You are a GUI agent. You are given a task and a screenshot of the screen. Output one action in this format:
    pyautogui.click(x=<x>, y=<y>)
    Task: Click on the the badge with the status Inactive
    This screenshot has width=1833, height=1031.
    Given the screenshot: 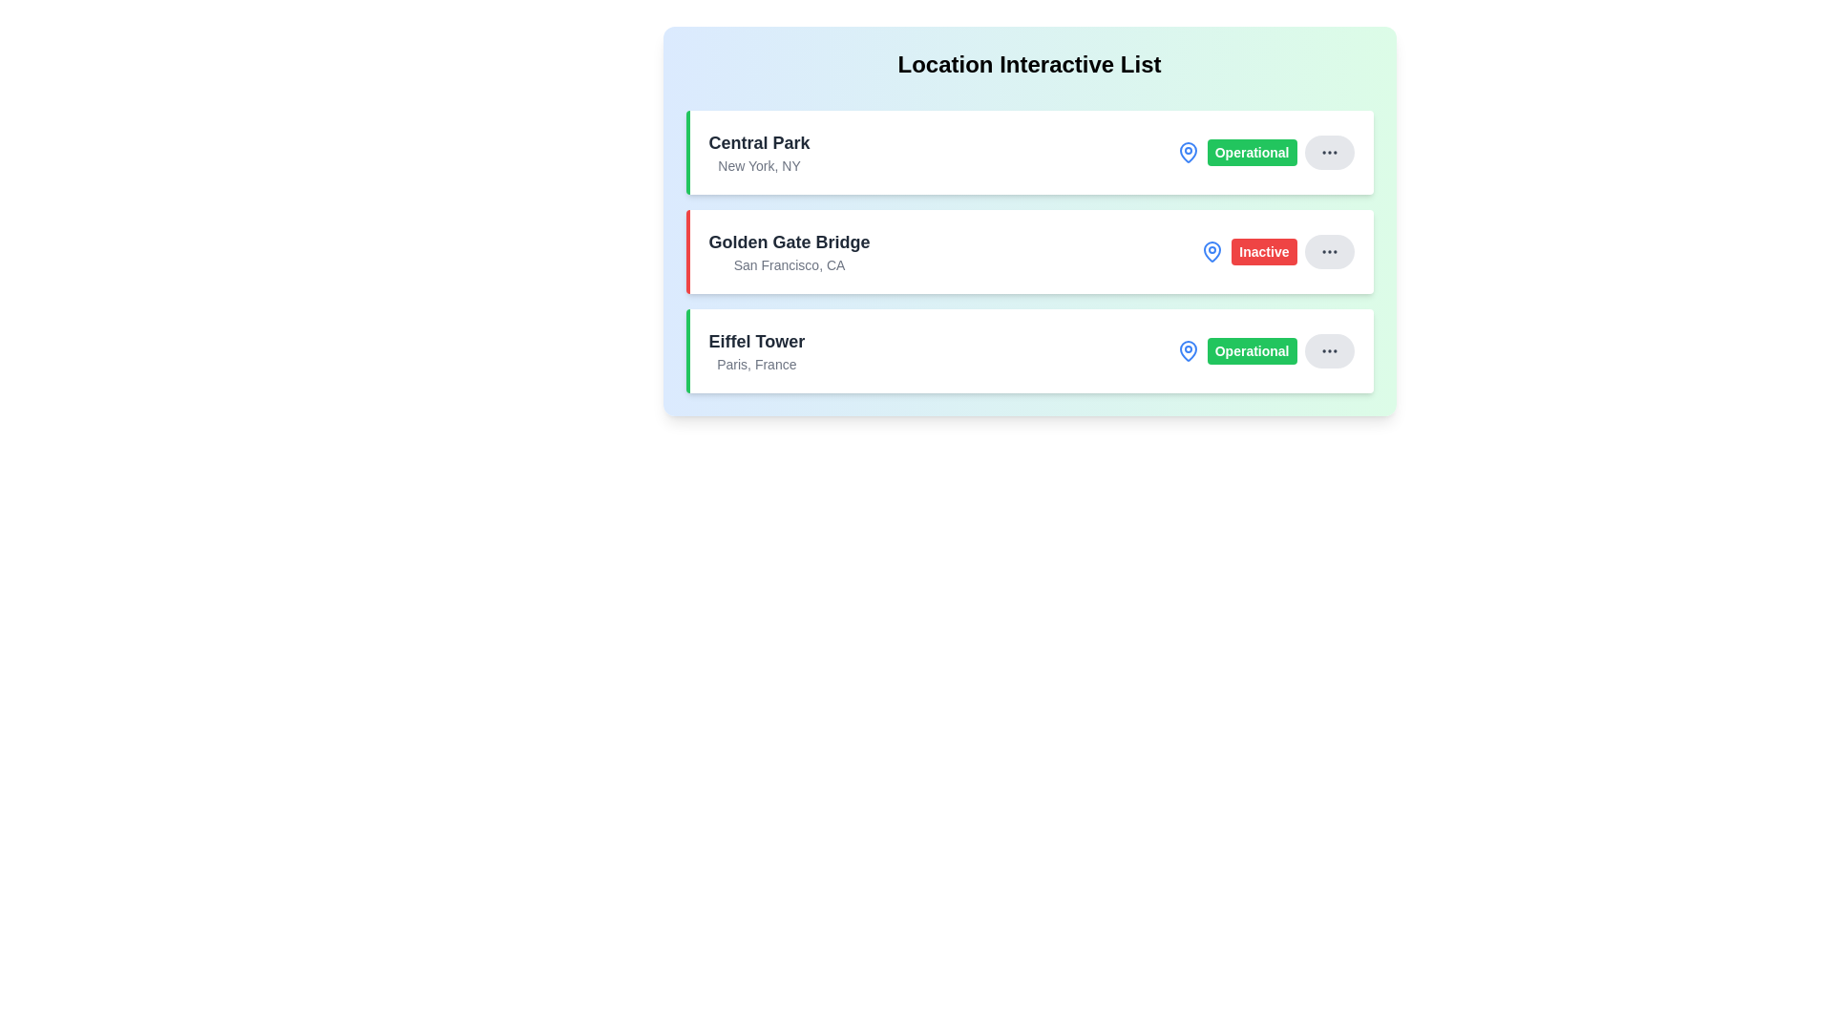 What is the action you would take?
    pyautogui.click(x=1264, y=250)
    